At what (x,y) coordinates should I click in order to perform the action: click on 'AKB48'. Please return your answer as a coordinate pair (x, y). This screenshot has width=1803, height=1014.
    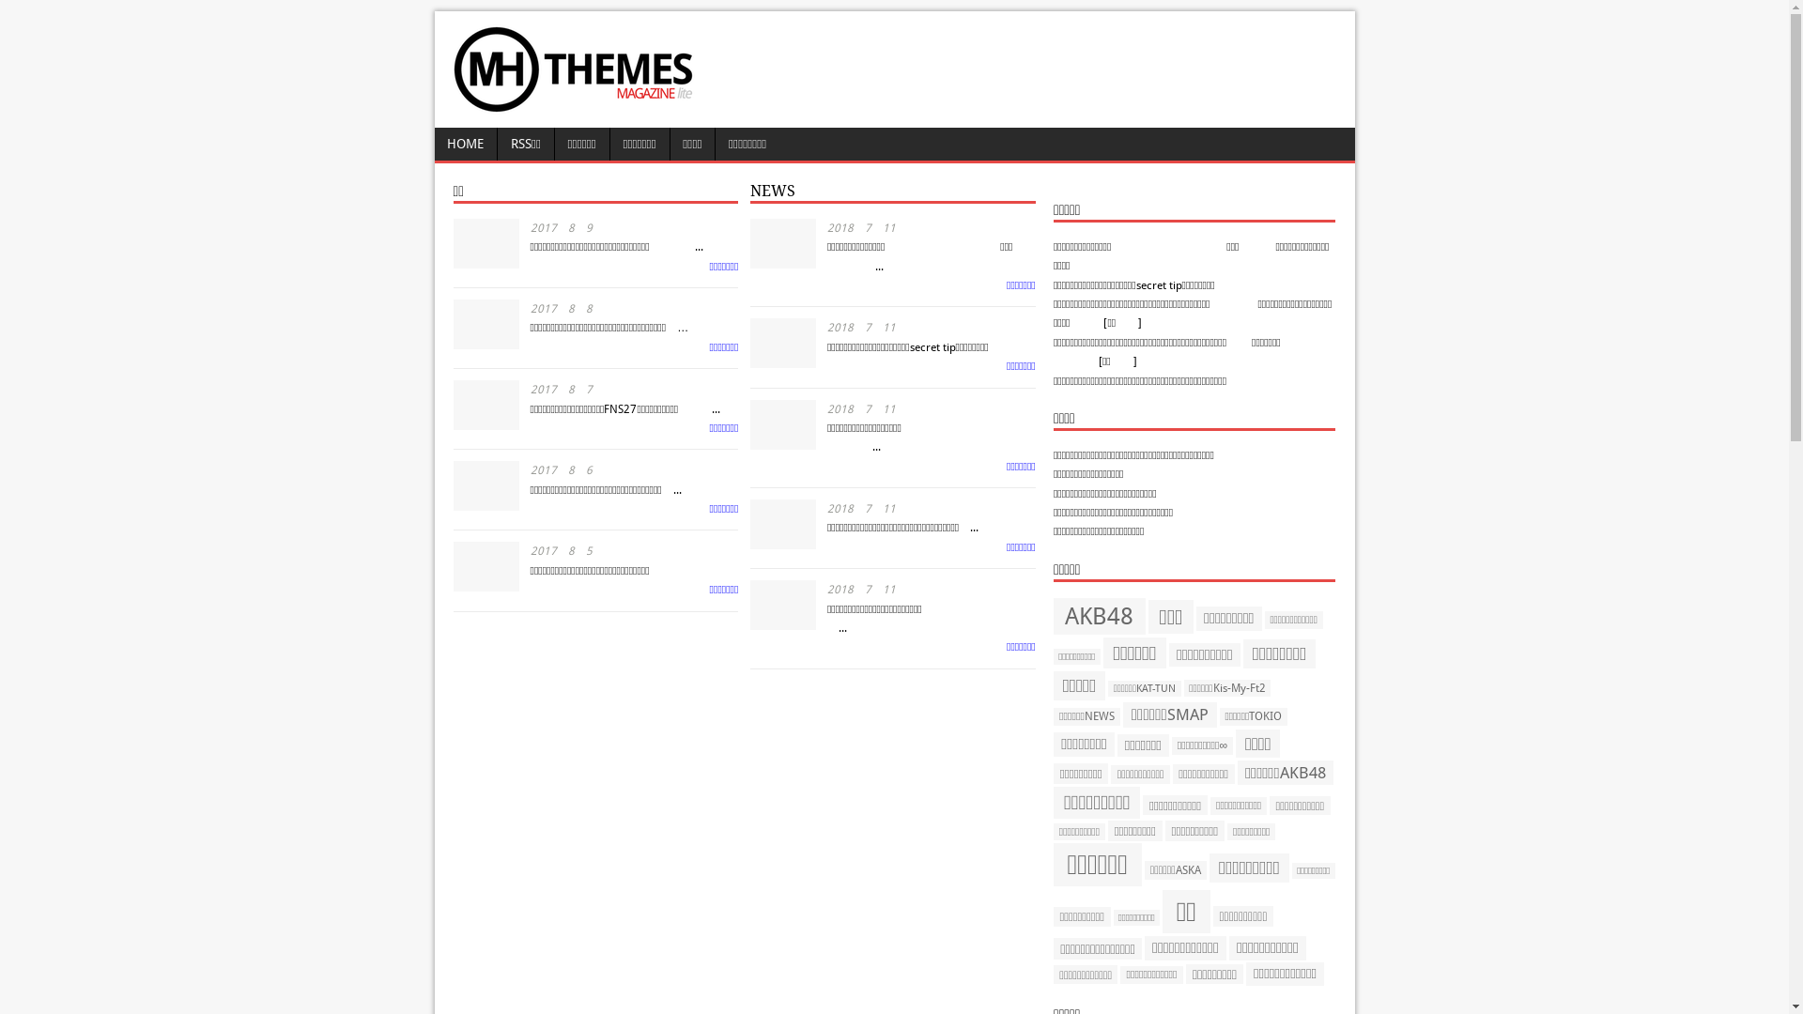
    Looking at the image, I should click on (1054, 616).